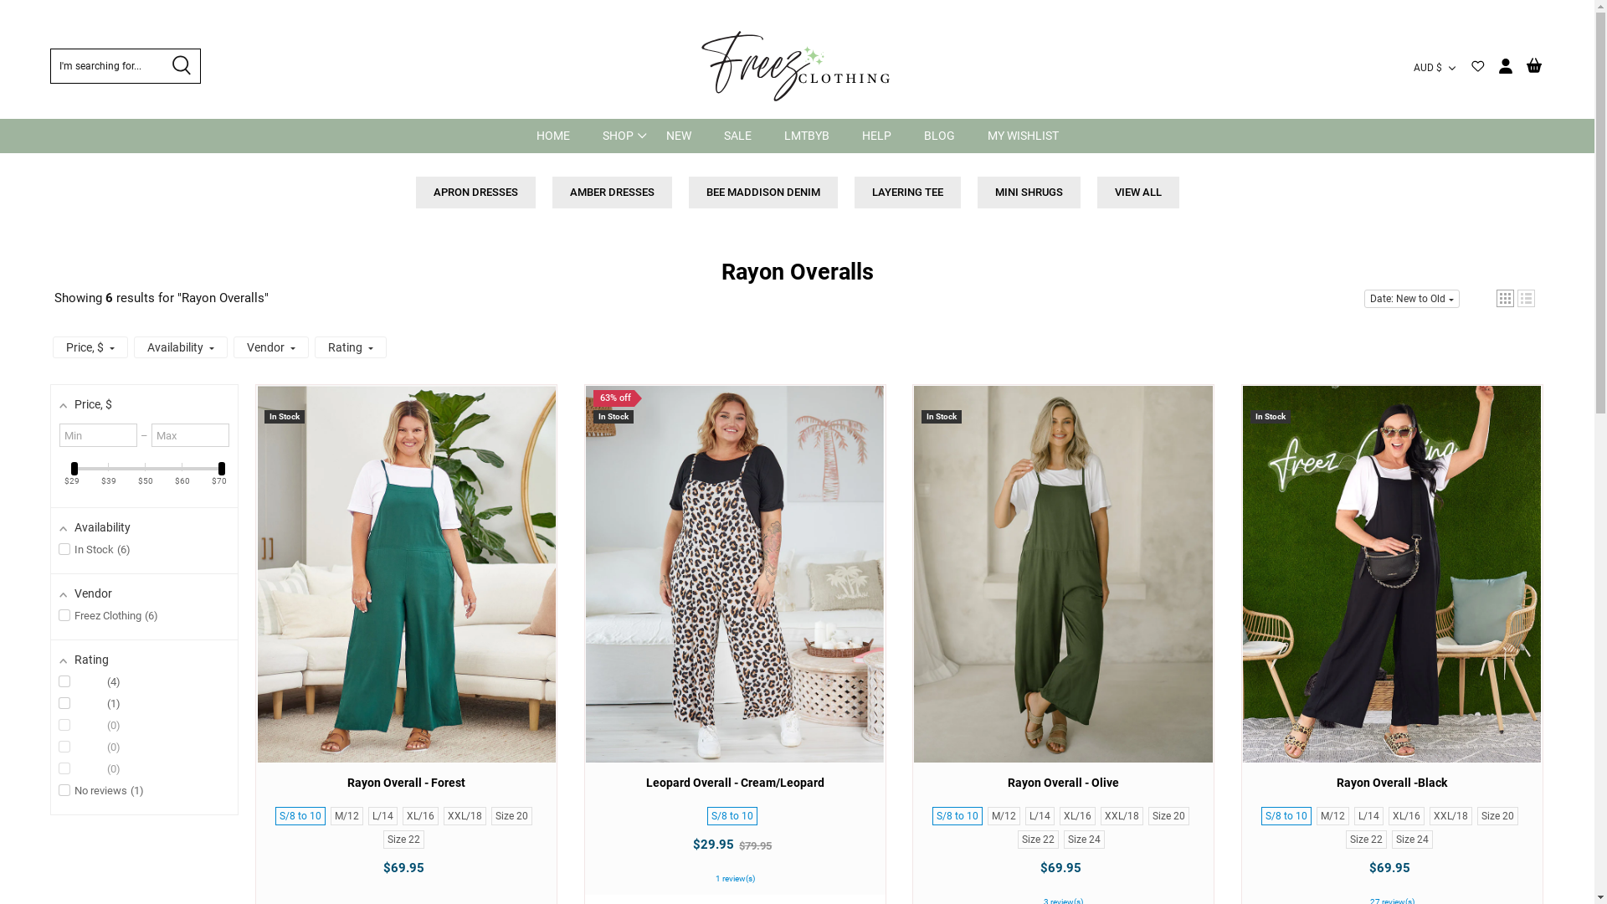 This screenshot has height=904, width=1607. I want to click on 'Freez Clothing', so click(797, 65).